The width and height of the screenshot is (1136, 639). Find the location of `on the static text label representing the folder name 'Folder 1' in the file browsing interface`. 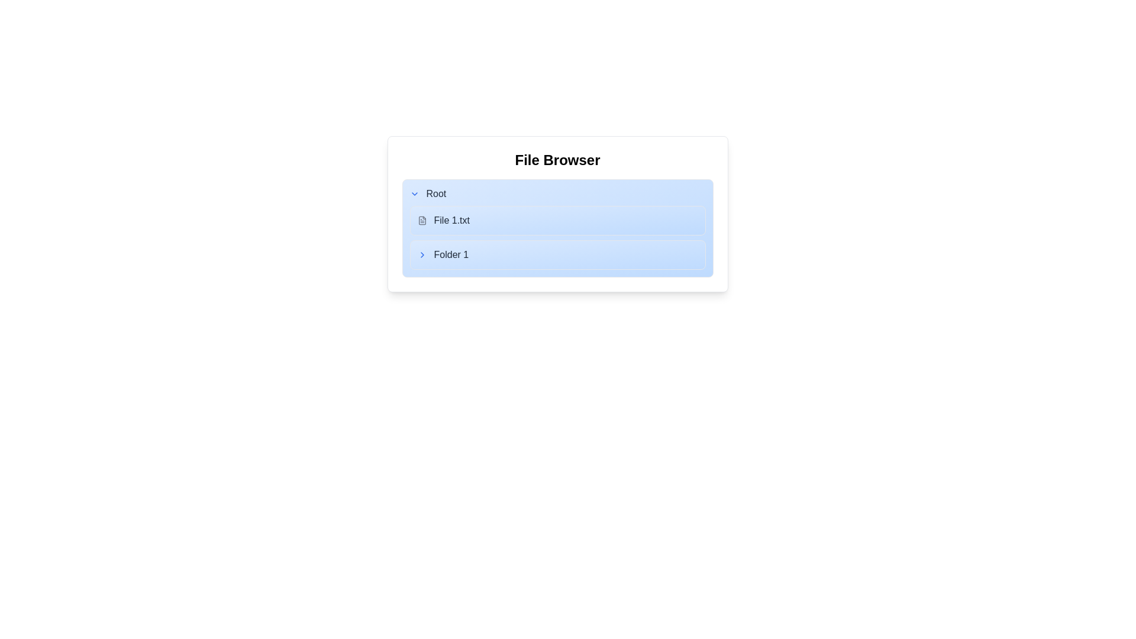

on the static text label representing the folder name 'Folder 1' in the file browsing interface is located at coordinates (450, 254).